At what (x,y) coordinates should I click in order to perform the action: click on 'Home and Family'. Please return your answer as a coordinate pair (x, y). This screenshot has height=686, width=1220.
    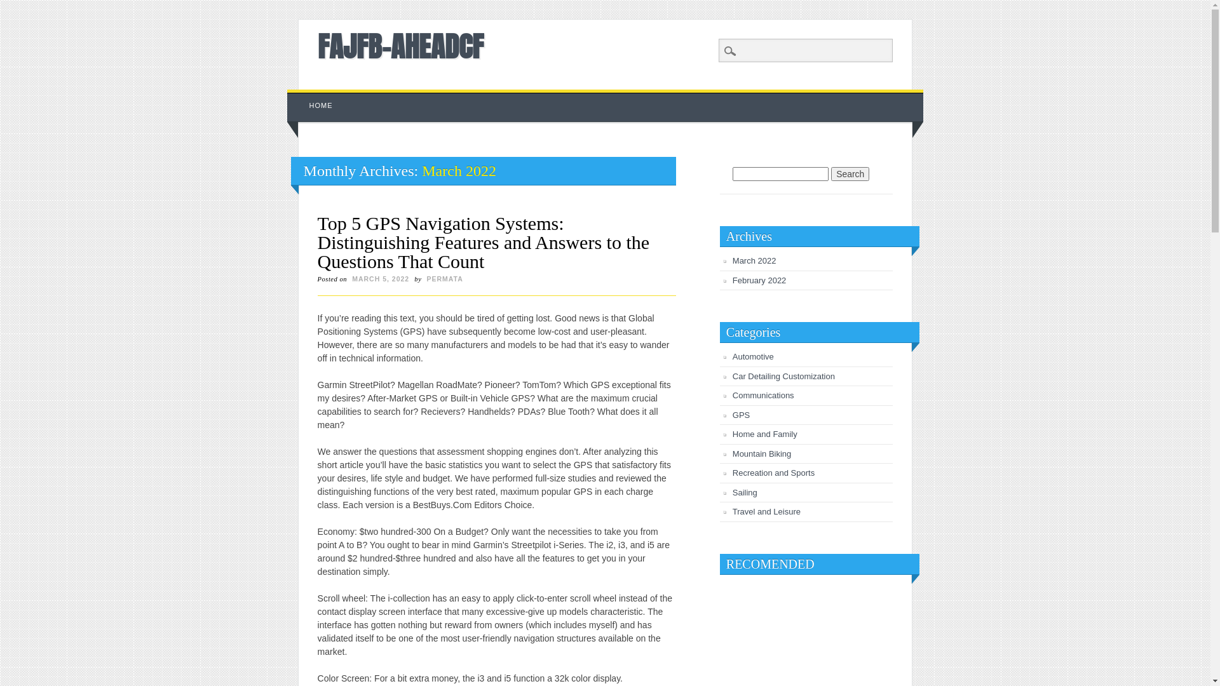
    Looking at the image, I should click on (764, 433).